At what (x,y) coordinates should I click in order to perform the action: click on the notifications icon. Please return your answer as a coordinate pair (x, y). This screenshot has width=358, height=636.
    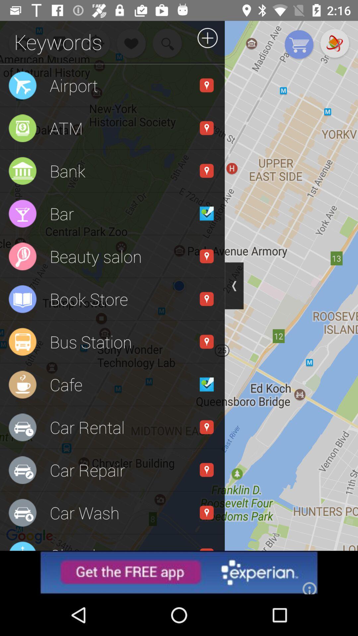
    Looking at the image, I should click on (94, 44).